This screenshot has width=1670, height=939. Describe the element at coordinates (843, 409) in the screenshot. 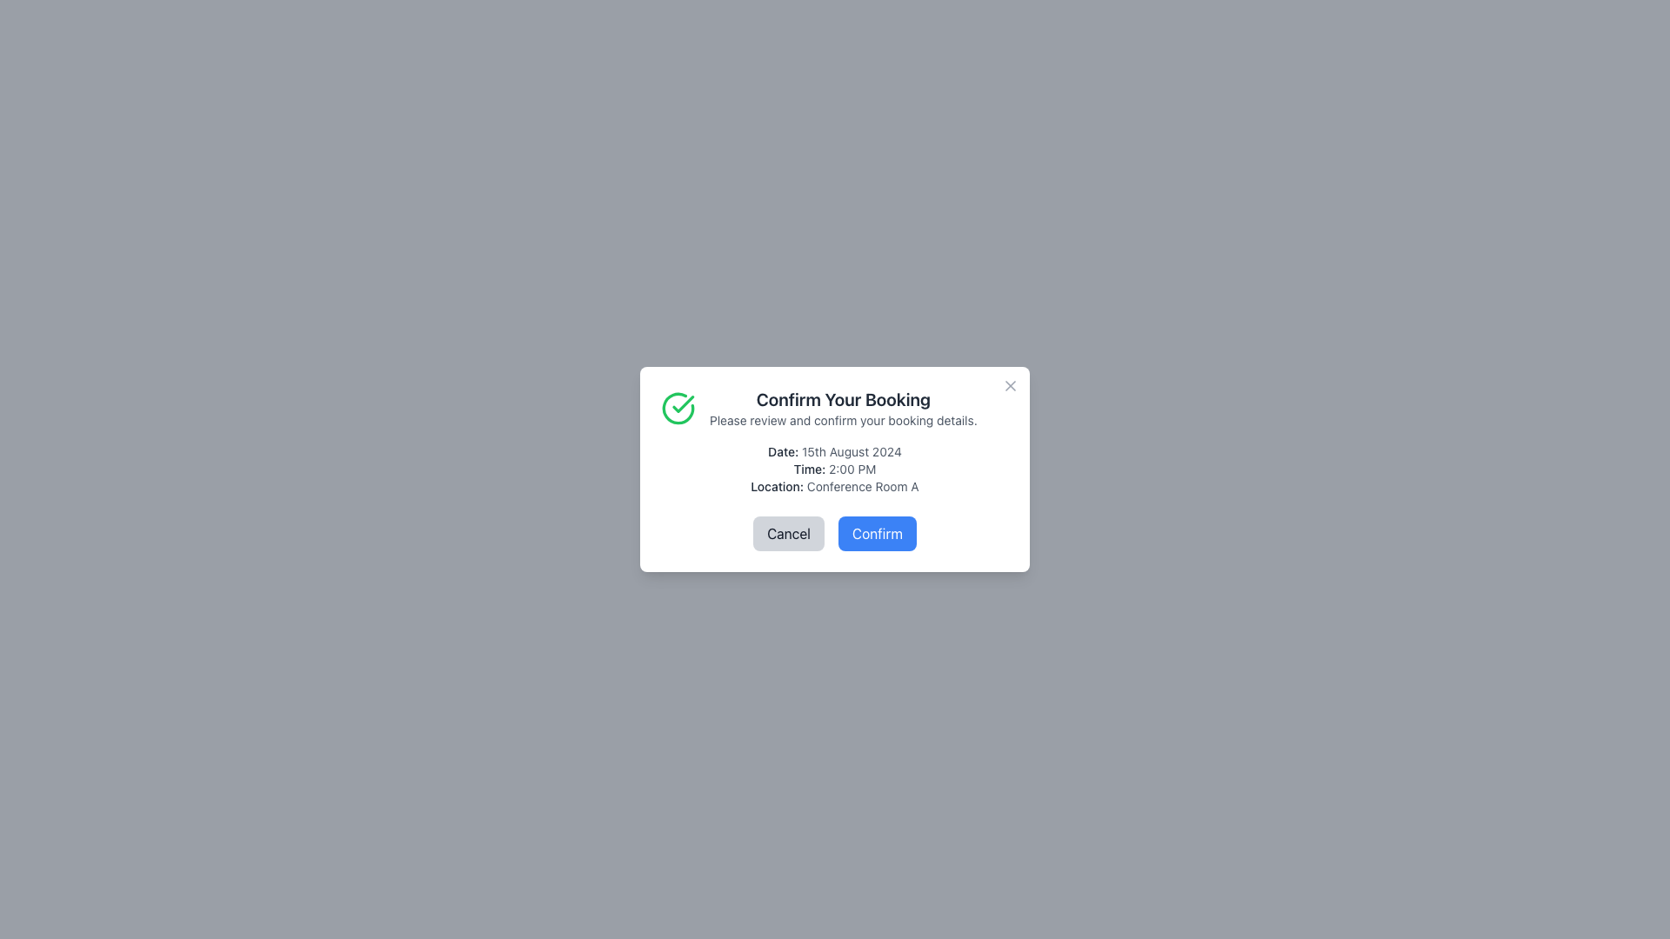

I see `text in the header titled 'Confirm Your Booking' with a subtext below it that says 'Please review and confirm your booking details.' This header is located at the center of a white modal box on a muted gray background` at that location.